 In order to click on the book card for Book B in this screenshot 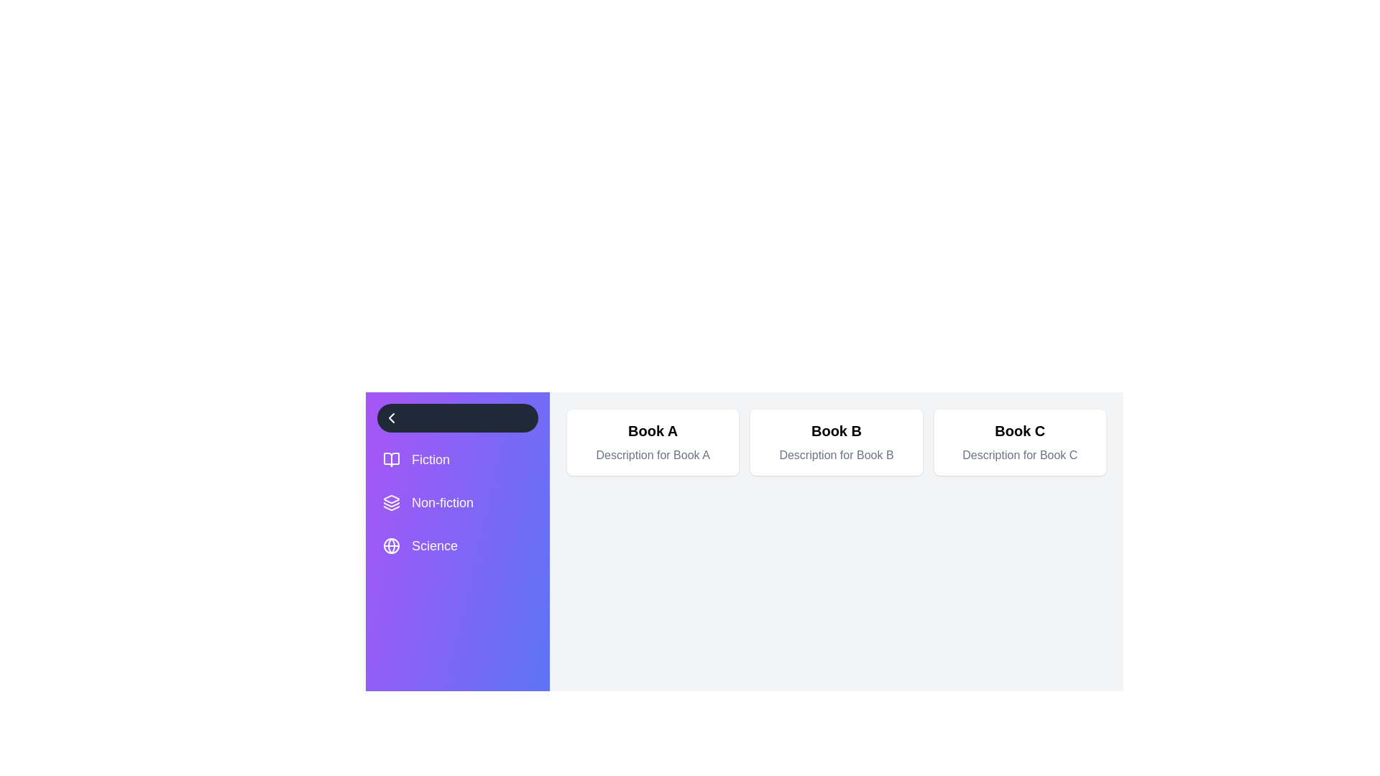, I will do `click(836, 442)`.